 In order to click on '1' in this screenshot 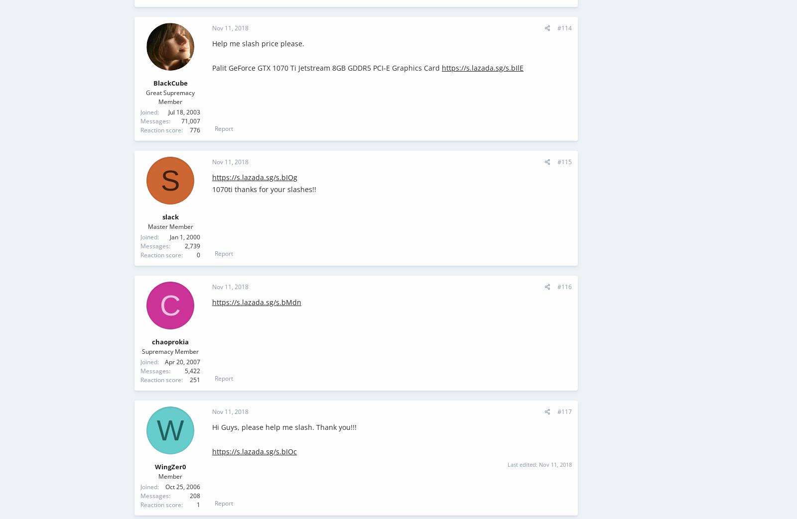, I will do `click(197, 504)`.